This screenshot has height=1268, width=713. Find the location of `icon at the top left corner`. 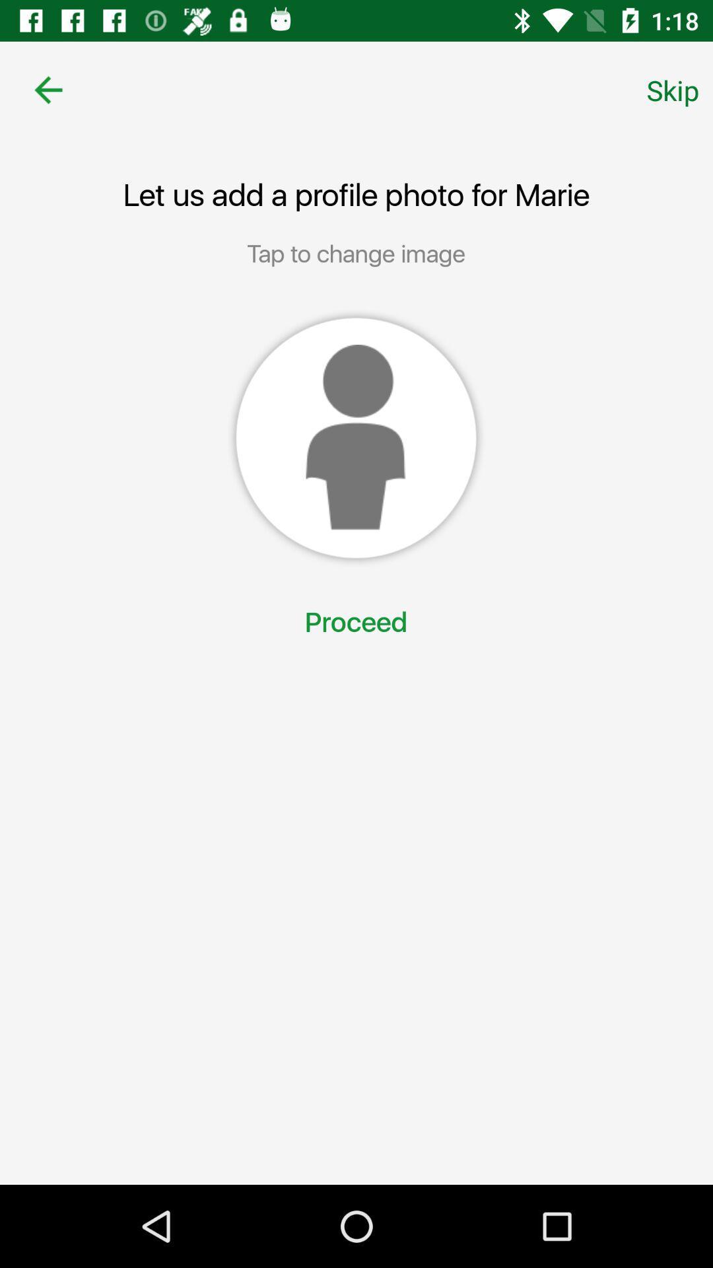

icon at the top left corner is located at coordinates (48, 89).